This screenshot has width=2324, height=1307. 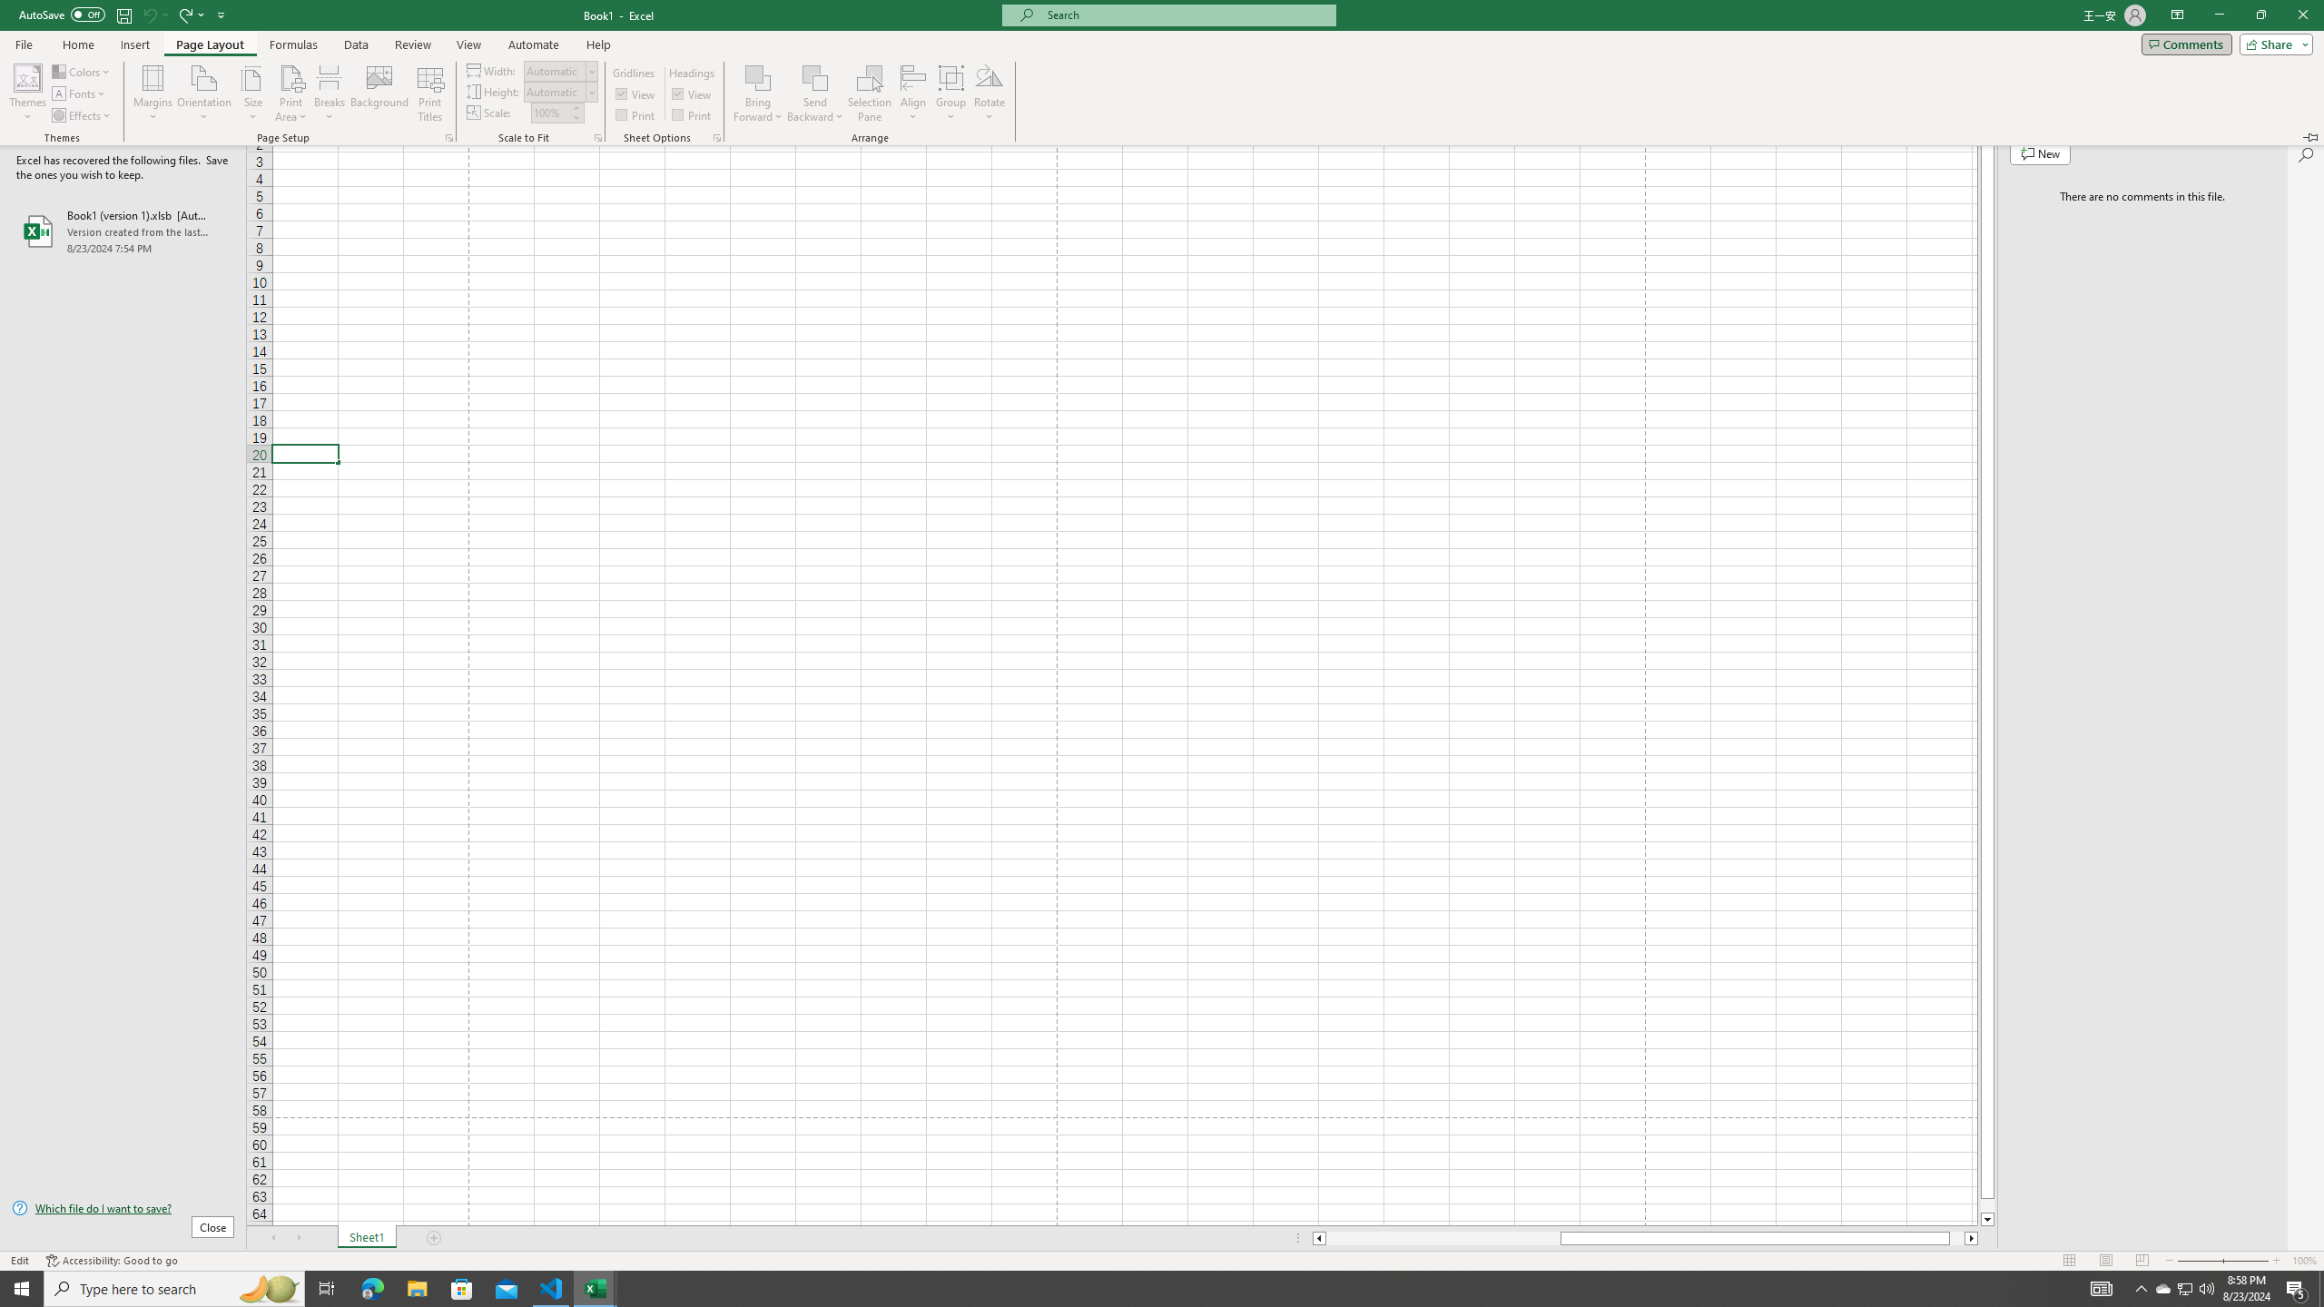 What do you see at coordinates (596, 1287) in the screenshot?
I see `'Visual Studio Code - 1 running window'` at bounding box center [596, 1287].